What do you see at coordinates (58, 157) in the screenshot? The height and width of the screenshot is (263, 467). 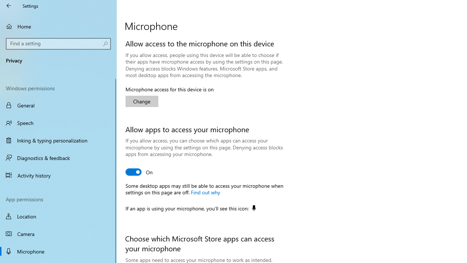 I see `'Diagnostics & feedback'` at bounding box center [58, 157].